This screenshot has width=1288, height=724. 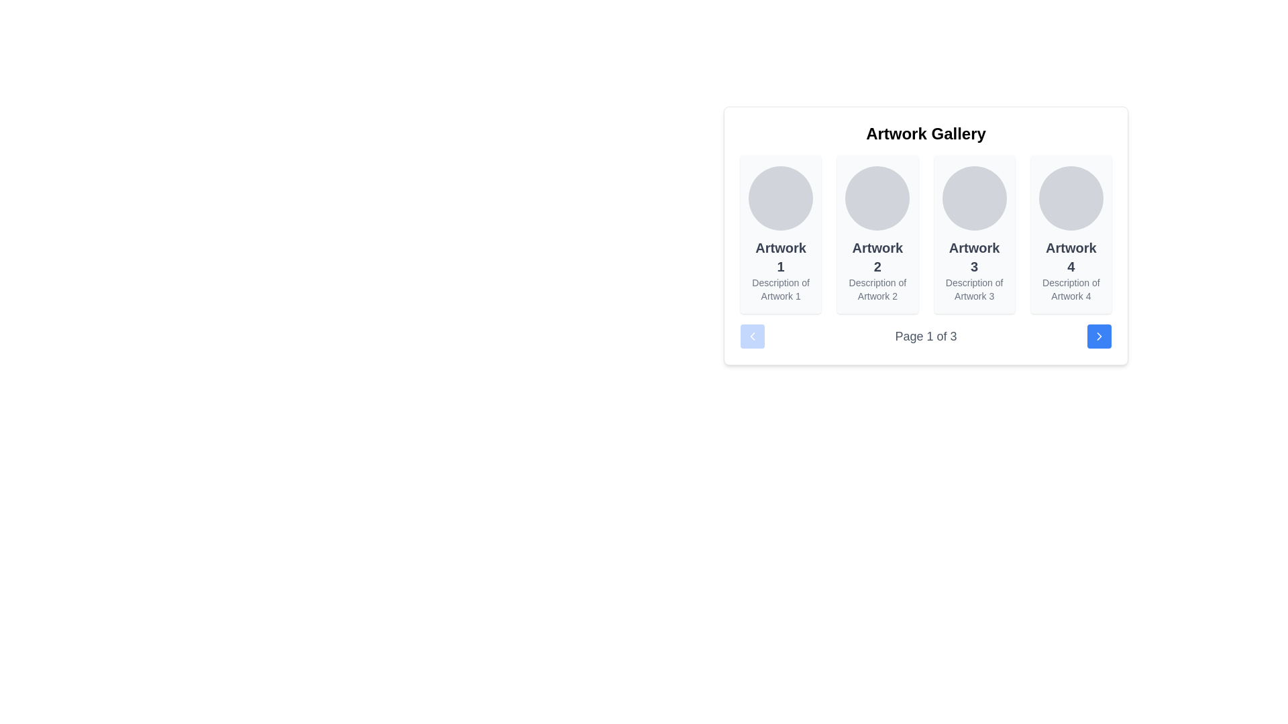 What do you see at coordinates (753, 335) in the screenshot?
I see `the blue left arrow button with rounded corners` at bounding box center [753, 335].